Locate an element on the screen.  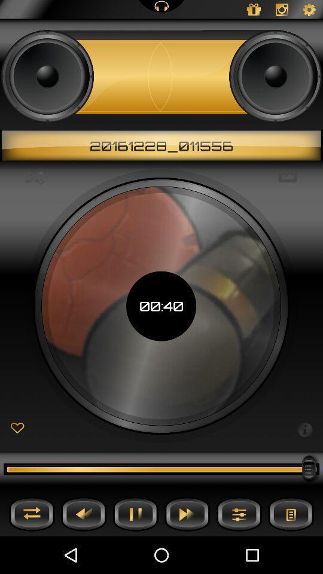
used to go fast forward is located at coordinates (187, 513).